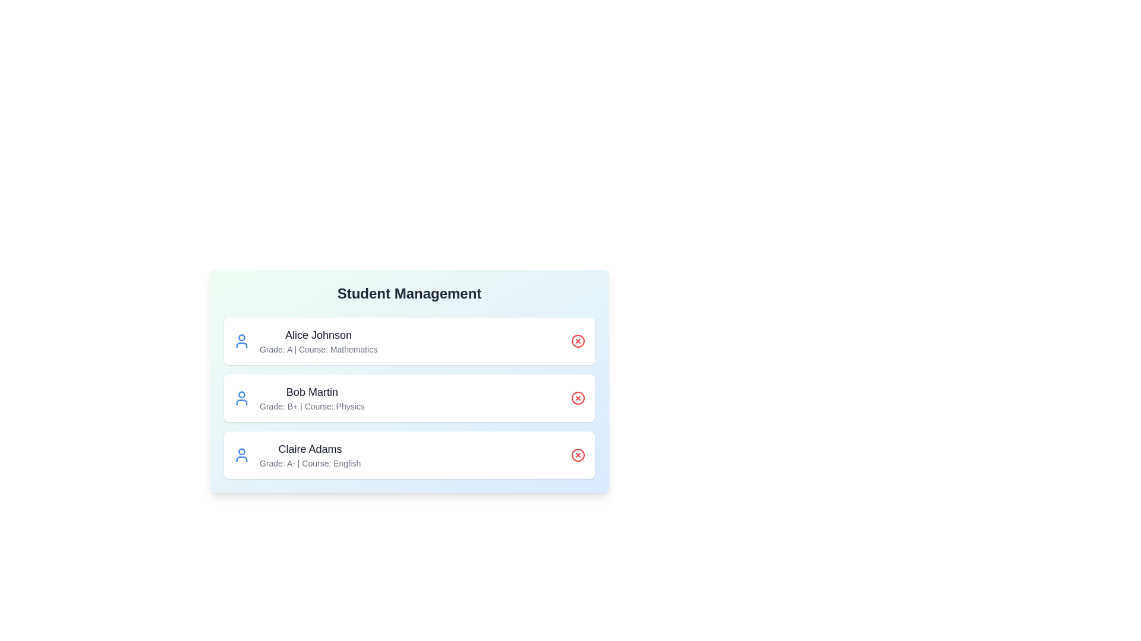 This screenshot has width=1141, height=641. I want to click on the user icon next to Alice Johnson to inspect it, so click(241, 341).